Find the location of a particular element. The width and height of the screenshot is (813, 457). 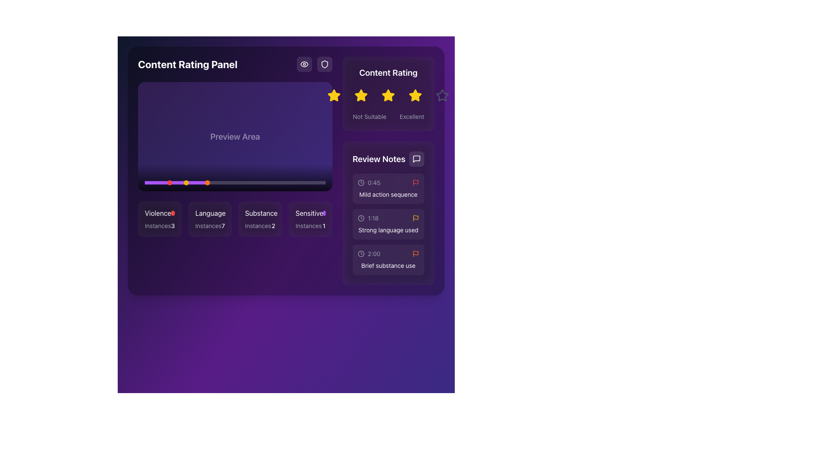

the fifth yellow star icon in the 'Content Rating' section is located at coordinates (415, 95).